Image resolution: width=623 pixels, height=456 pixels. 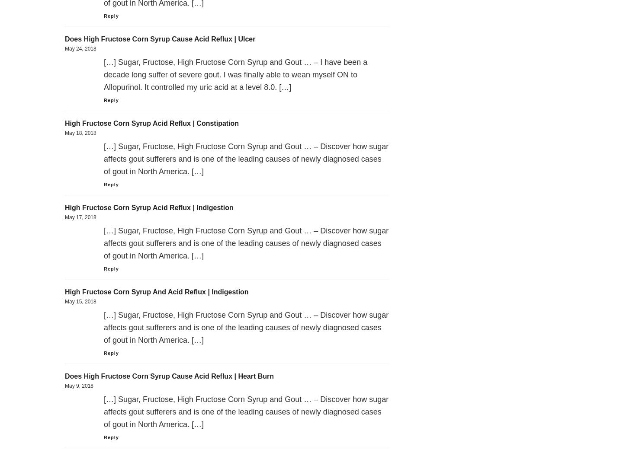 I want to click on 'High Fructose Corn Syrup And Acid Reflux | Indigestion', so click(x=64, y=291).